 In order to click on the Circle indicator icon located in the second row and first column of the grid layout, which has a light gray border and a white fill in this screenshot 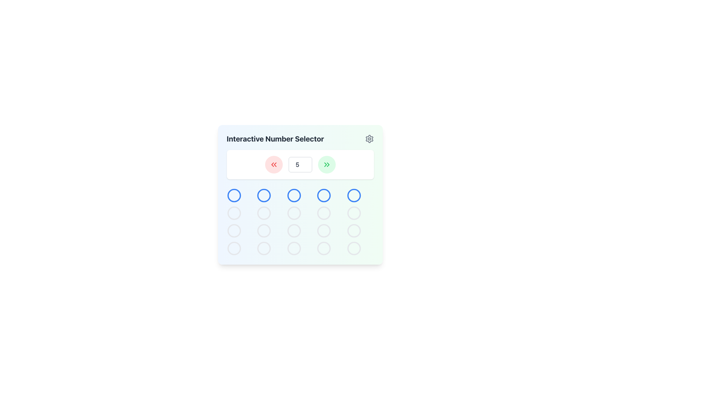, I will do `click(233, 213)`.